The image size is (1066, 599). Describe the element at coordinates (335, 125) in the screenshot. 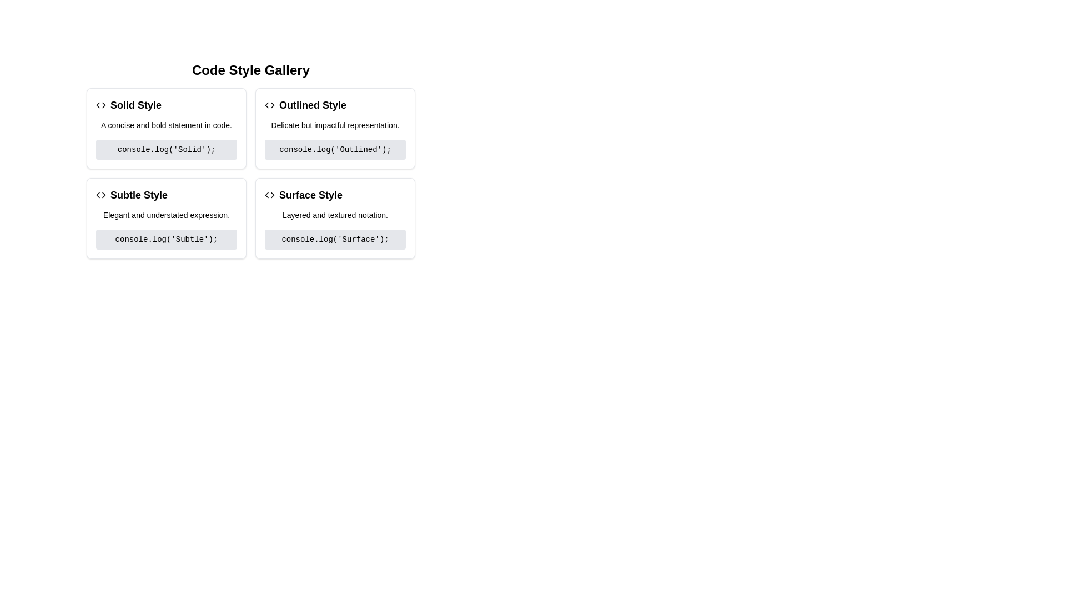

I see `the text element that says 'Delicate but impactful representation.' located in the content card labeled 'Outlined Style'` at that location.